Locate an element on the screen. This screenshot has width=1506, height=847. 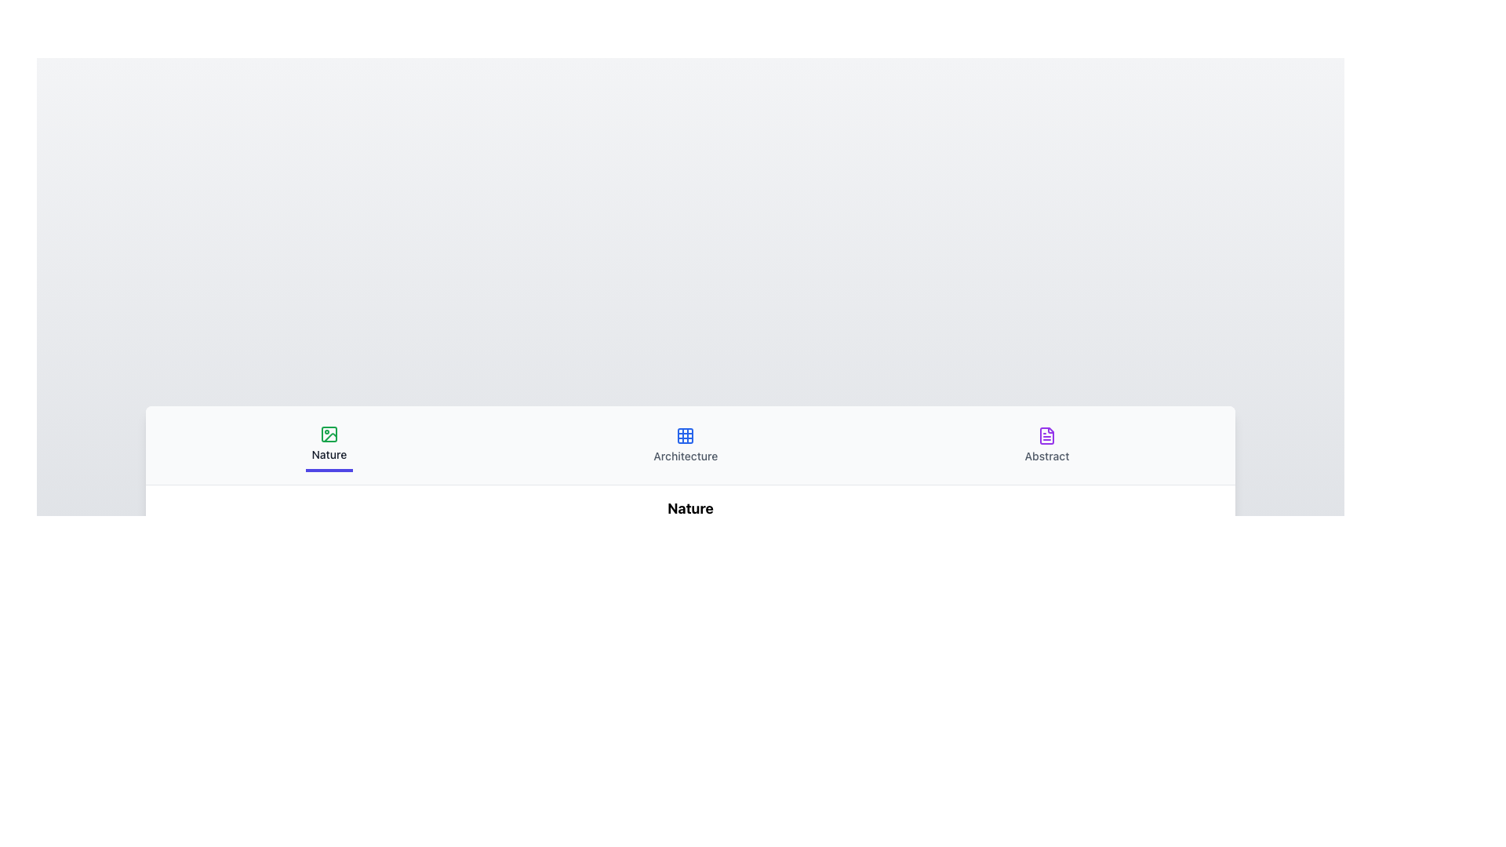
the navigation button for 'Architecture' located in the center of the horizontal navigation bar, positioned between 'Nature' and 'Abstract' to filter content accordingly is located at coordinates (686, 445).